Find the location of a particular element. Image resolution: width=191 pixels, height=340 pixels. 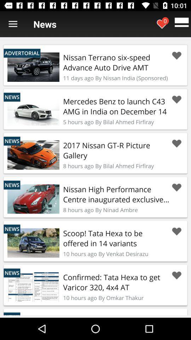

like option is located at coordinates (176, 55).